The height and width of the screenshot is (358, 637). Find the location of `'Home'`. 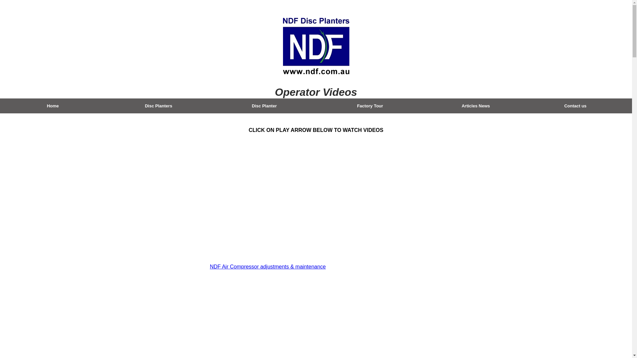

'Home' is located at coordinates (52, 105).